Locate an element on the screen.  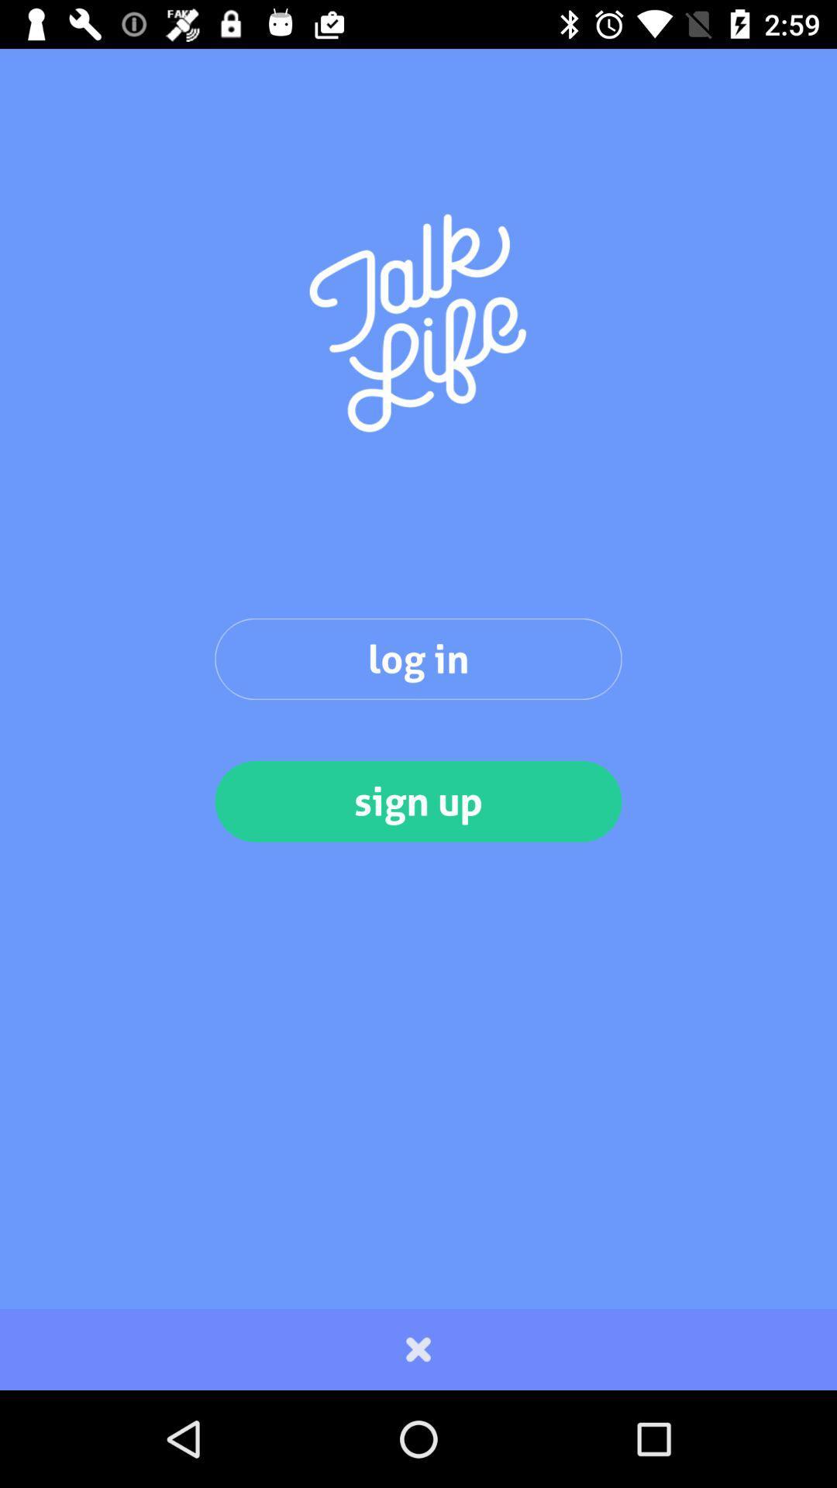
log in is located at coordinates (418, 659).